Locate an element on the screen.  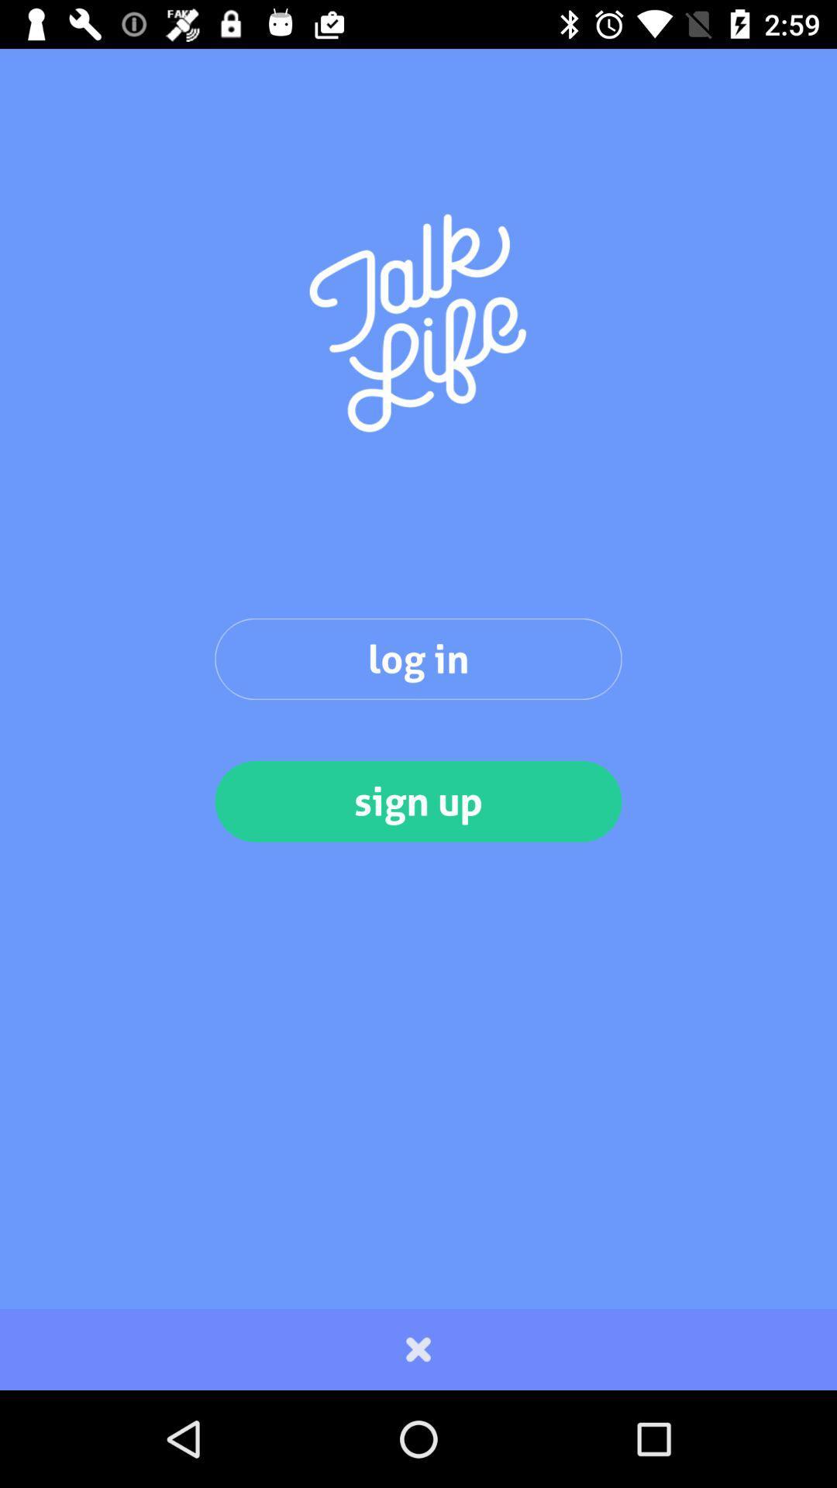
log in is located at coordinates (418, 659).